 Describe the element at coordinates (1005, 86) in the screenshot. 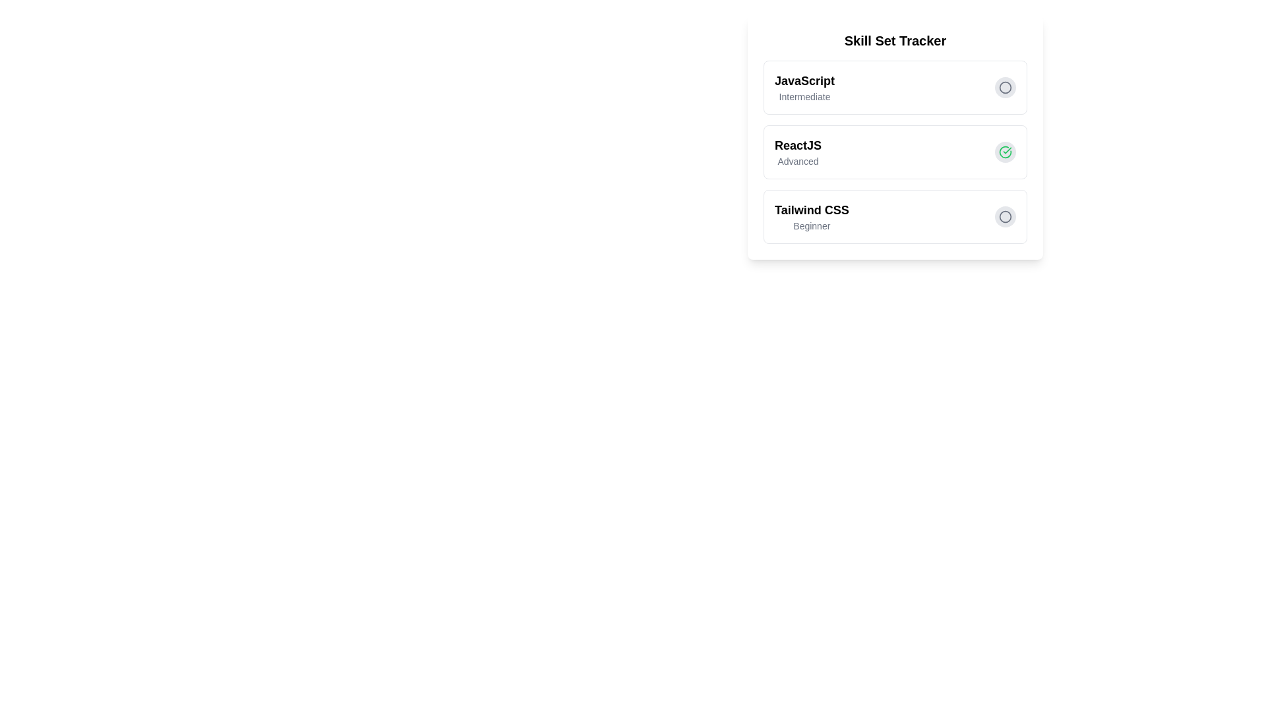

I see `the Circular Indicator for the skill 'Tailwind CSS - Beginner', which visually represents the skill level and is located on the right side of the item's row in the skills list` at that location.